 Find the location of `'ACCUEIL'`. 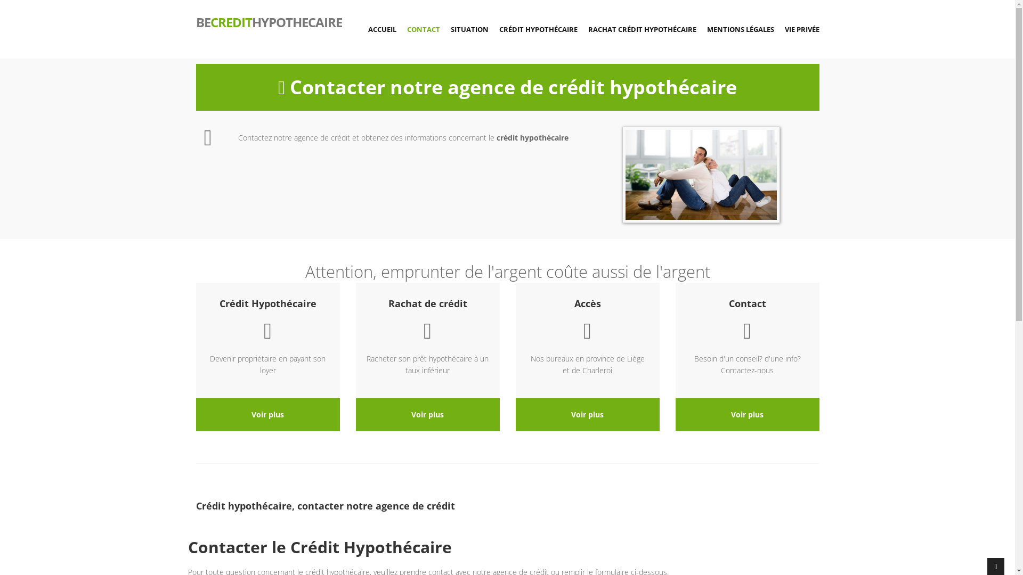

'ACCUEIL' is located at coordinates (381, 28).